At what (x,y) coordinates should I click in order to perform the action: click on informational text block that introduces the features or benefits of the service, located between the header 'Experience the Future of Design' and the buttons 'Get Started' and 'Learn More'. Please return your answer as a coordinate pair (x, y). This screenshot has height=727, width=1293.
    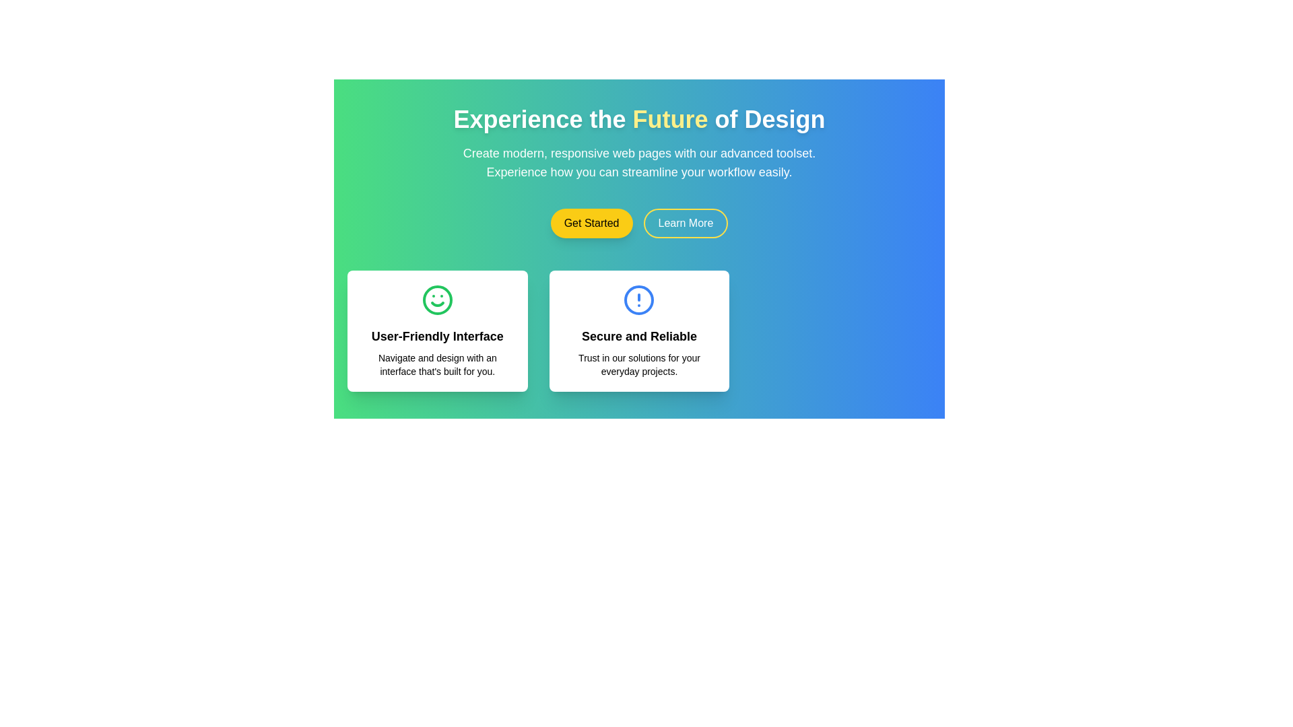
    Looking at the image, I should click on (638, 162).